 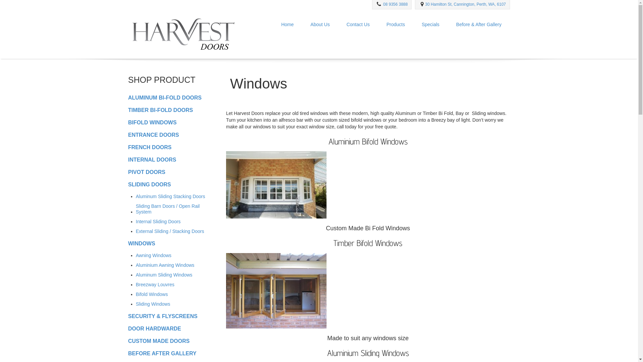 I want to click on 'INTERNAL DOORS', so click(x=152, y=160).